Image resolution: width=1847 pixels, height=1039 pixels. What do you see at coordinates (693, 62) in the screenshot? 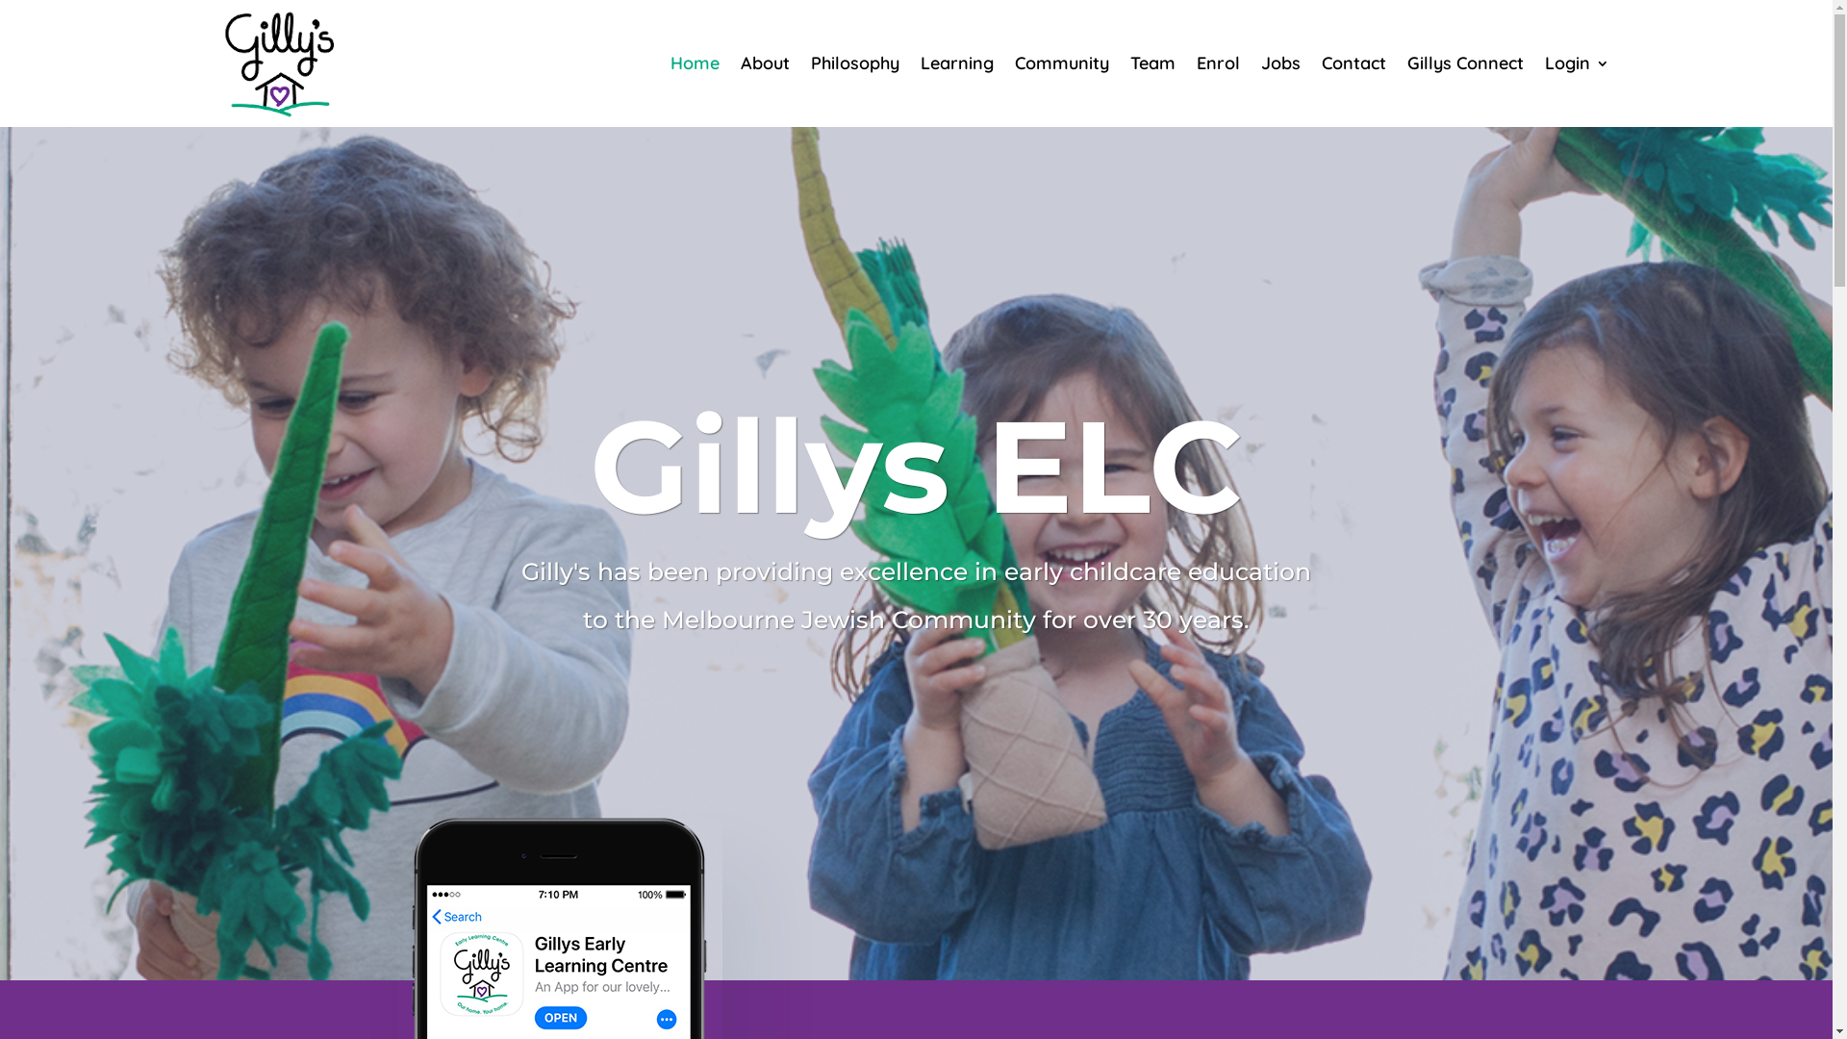
I see `'Home'` at bounding box center [693, 62].